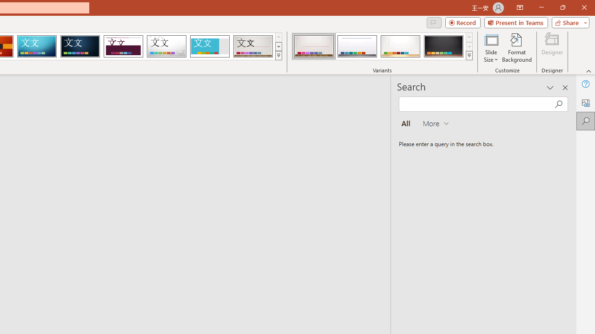 The width and height of the screenshot is (595, 334). I want to click on 'Gallery Variant 4', so click(443, 46).